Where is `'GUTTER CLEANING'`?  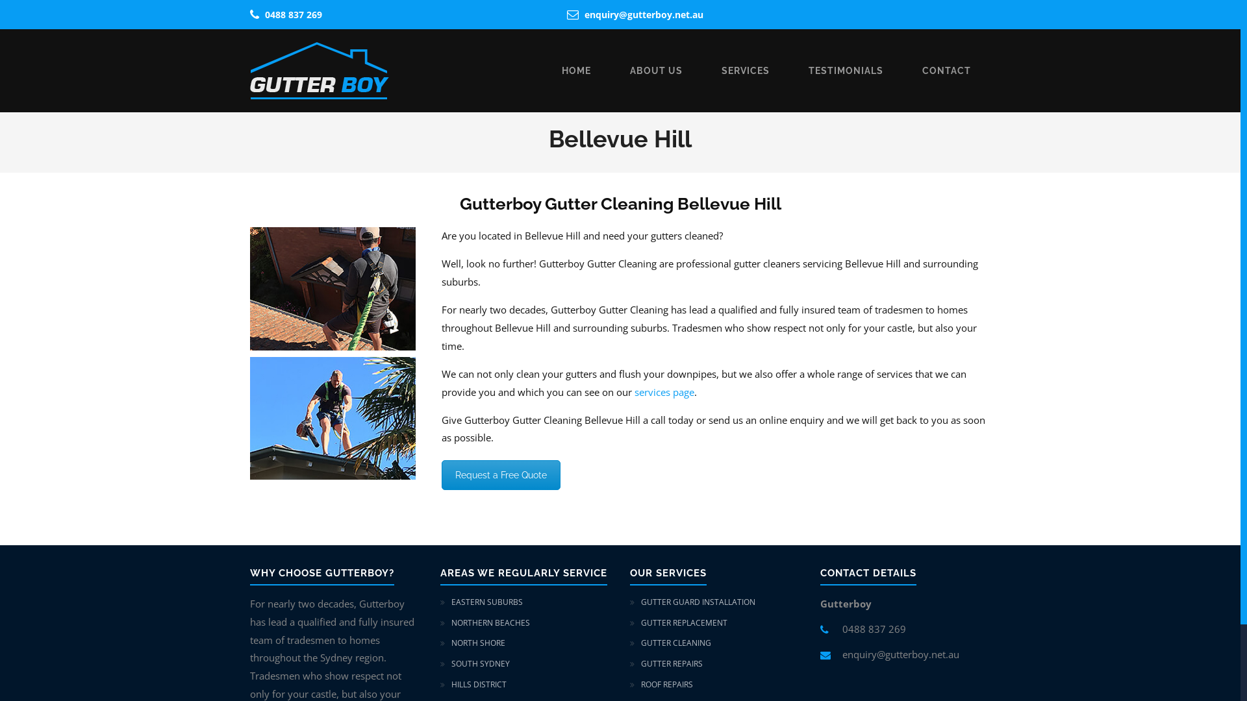
'GUTTER CLEANING' is located at coordinates (675, 643).